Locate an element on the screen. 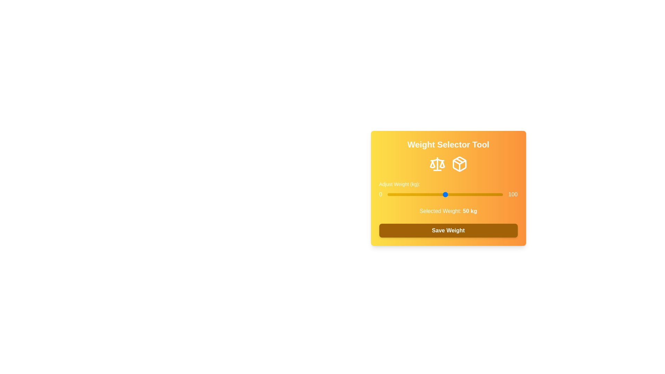 The height and width of the screenshot is (374, 665). the weight slider to 20 kg is located at coordinates (410, 195).